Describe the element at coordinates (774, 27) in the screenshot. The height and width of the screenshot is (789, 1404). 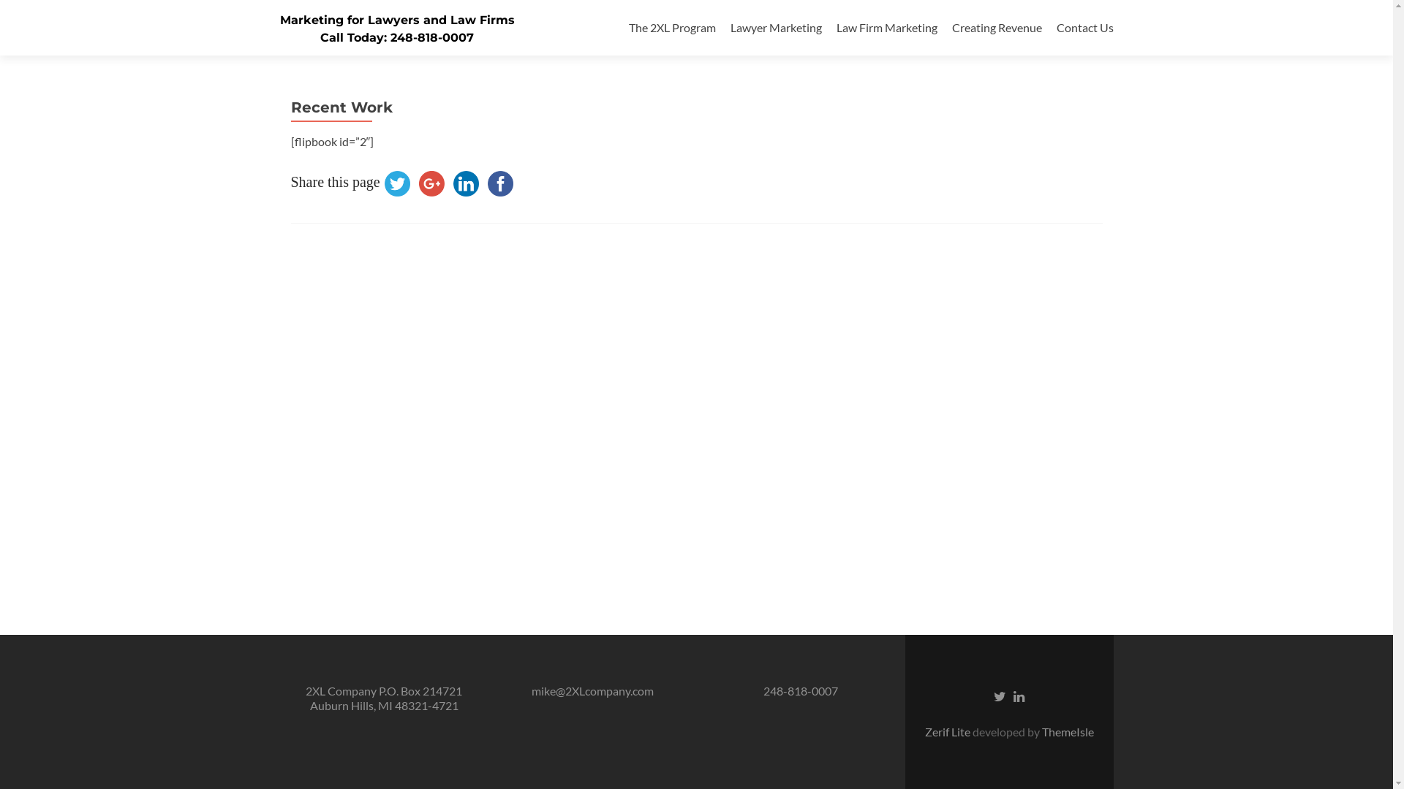
I see `'Lawyer Marketing'` at that location.